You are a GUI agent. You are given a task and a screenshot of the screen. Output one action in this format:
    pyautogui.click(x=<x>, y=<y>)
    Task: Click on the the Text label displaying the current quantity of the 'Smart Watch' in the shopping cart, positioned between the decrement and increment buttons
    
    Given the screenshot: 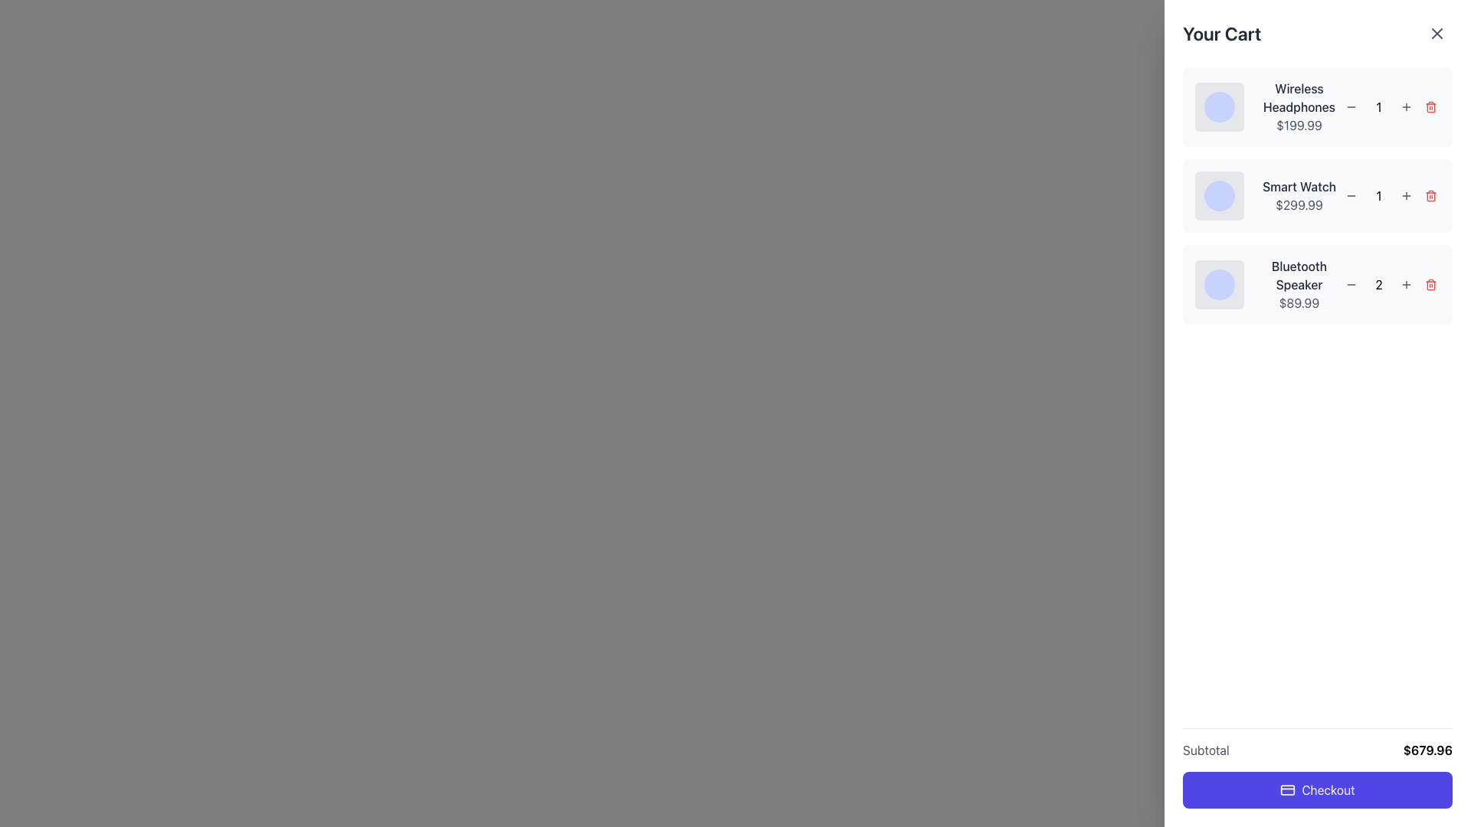 What is the action you would take?
    pyautogui.click(x=1379, y=194)
    